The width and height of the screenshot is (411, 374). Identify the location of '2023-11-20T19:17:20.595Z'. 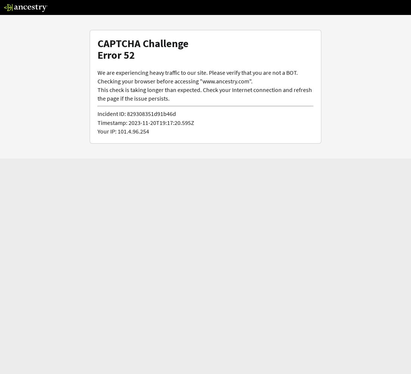
(128, 122).